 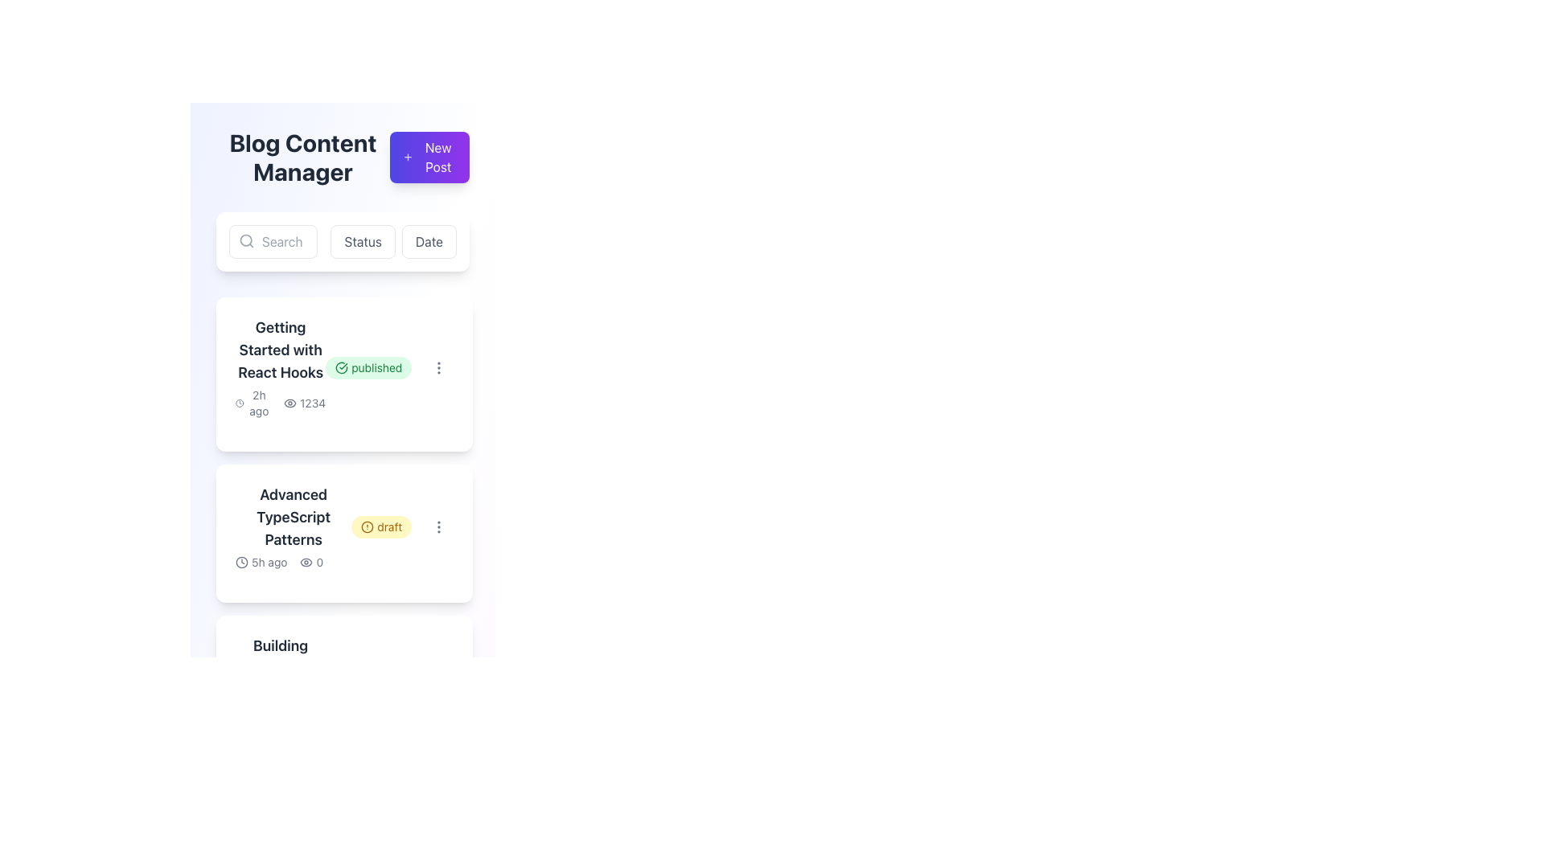 What do you see at coordinates (429, 241) in the screenshot?
I see `the 'Date' button, which is a rectangular button with rounded corners and light border, located to the right of the 'Status' button` at bounding box center [429, 241].